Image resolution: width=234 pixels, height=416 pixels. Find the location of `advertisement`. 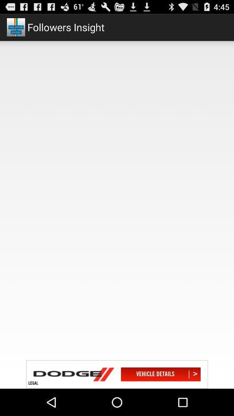

advertisement is located at coordinates (117, 374).